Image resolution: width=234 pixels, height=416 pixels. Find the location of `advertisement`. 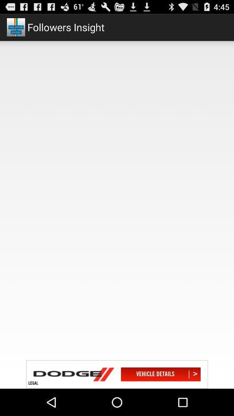

advertisement is located at coordinates (117, 374).